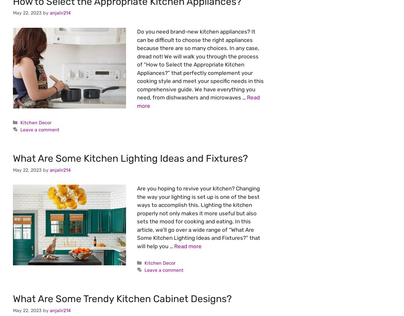 Image resolution: width=404 pixels, height=316 pixels. Describe the element at coordinates (130, 158) in the screenshot. I see `'What Are Some Kitchen Lighting Ideas and Fixtures?'` at that location.